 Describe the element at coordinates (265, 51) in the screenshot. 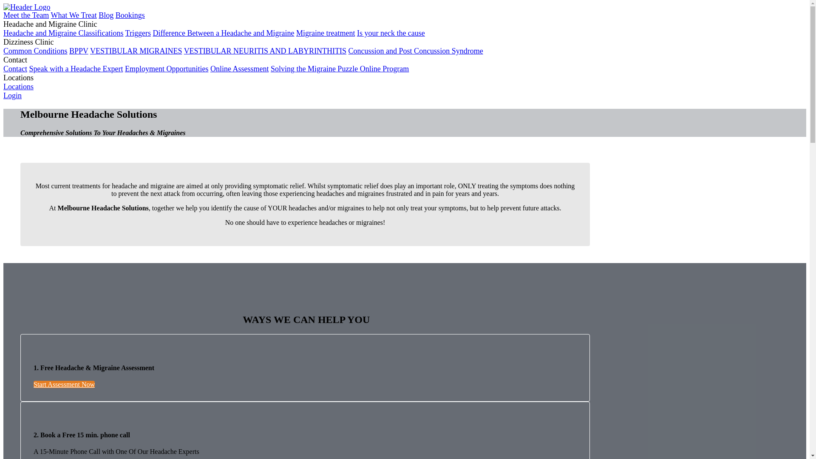

I see `'VESTIBULAR NEURITIS AND LABYRINTHITIS'` at that location.